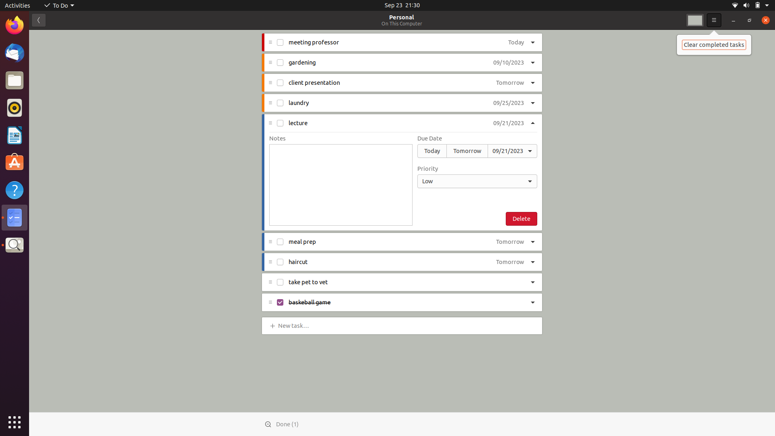  I want to click on Add new task, so click(295, 325).